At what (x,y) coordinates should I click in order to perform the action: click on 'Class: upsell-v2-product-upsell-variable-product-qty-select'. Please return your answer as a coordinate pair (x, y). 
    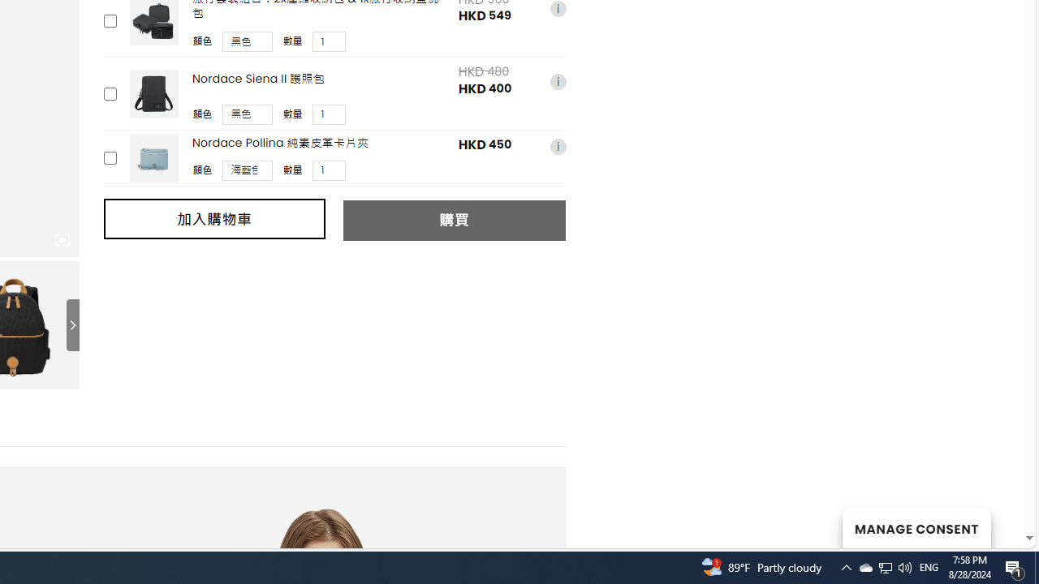
    Looking at the image, I should click on (329, 170).